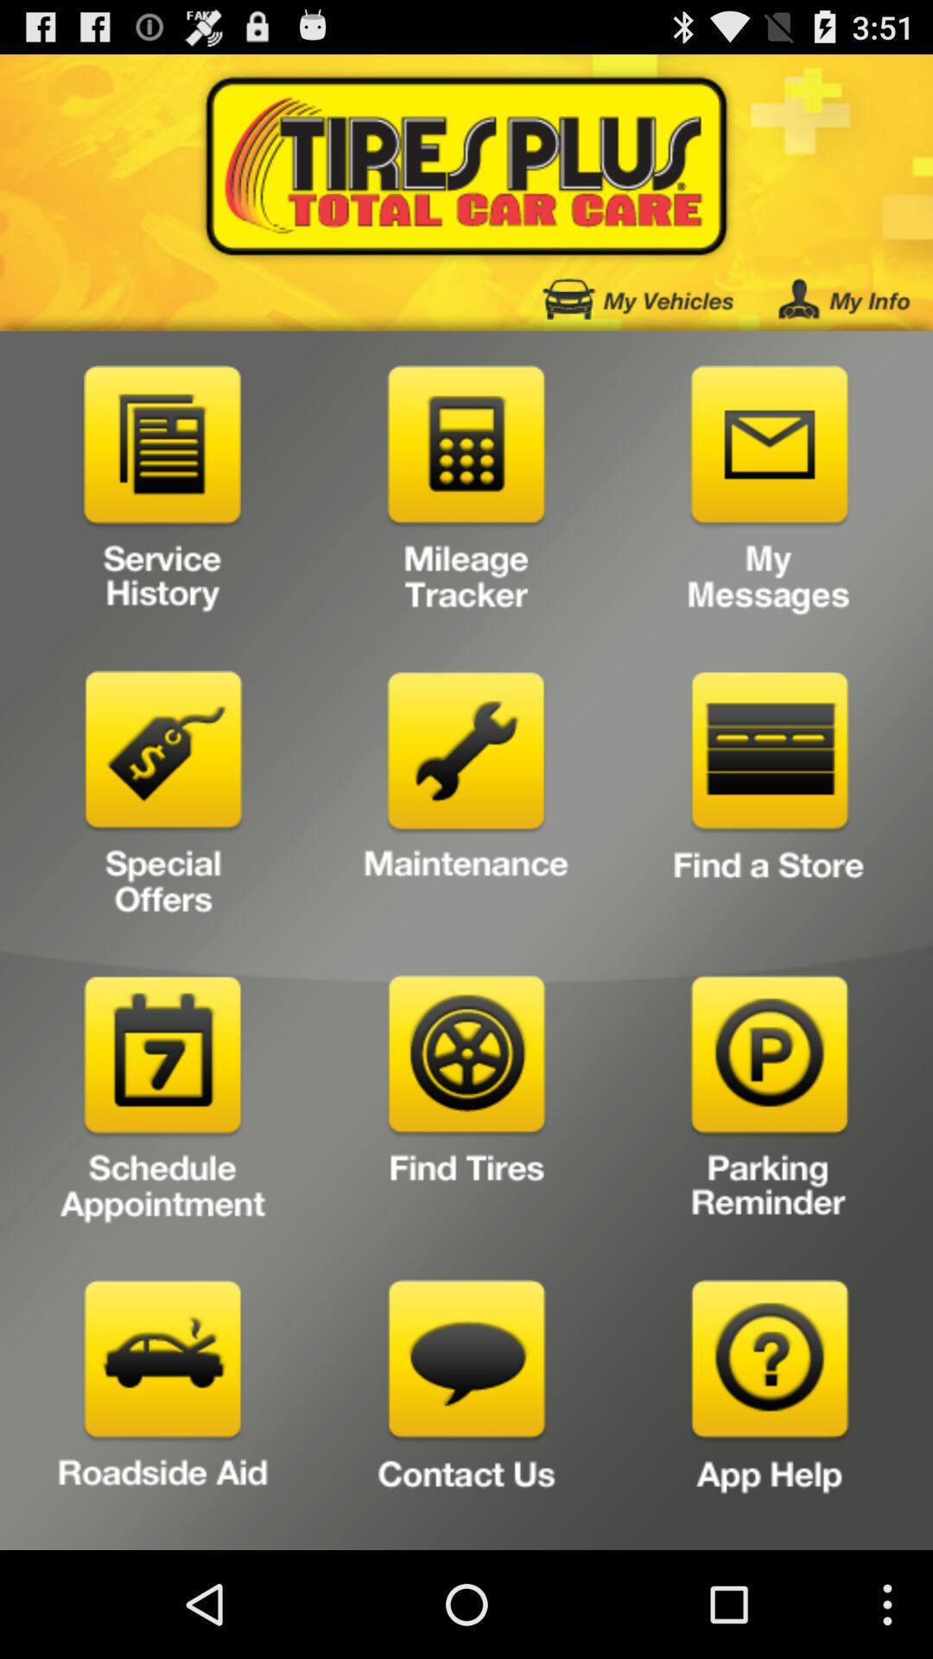  I want to click on locate store, so click(769, 798).